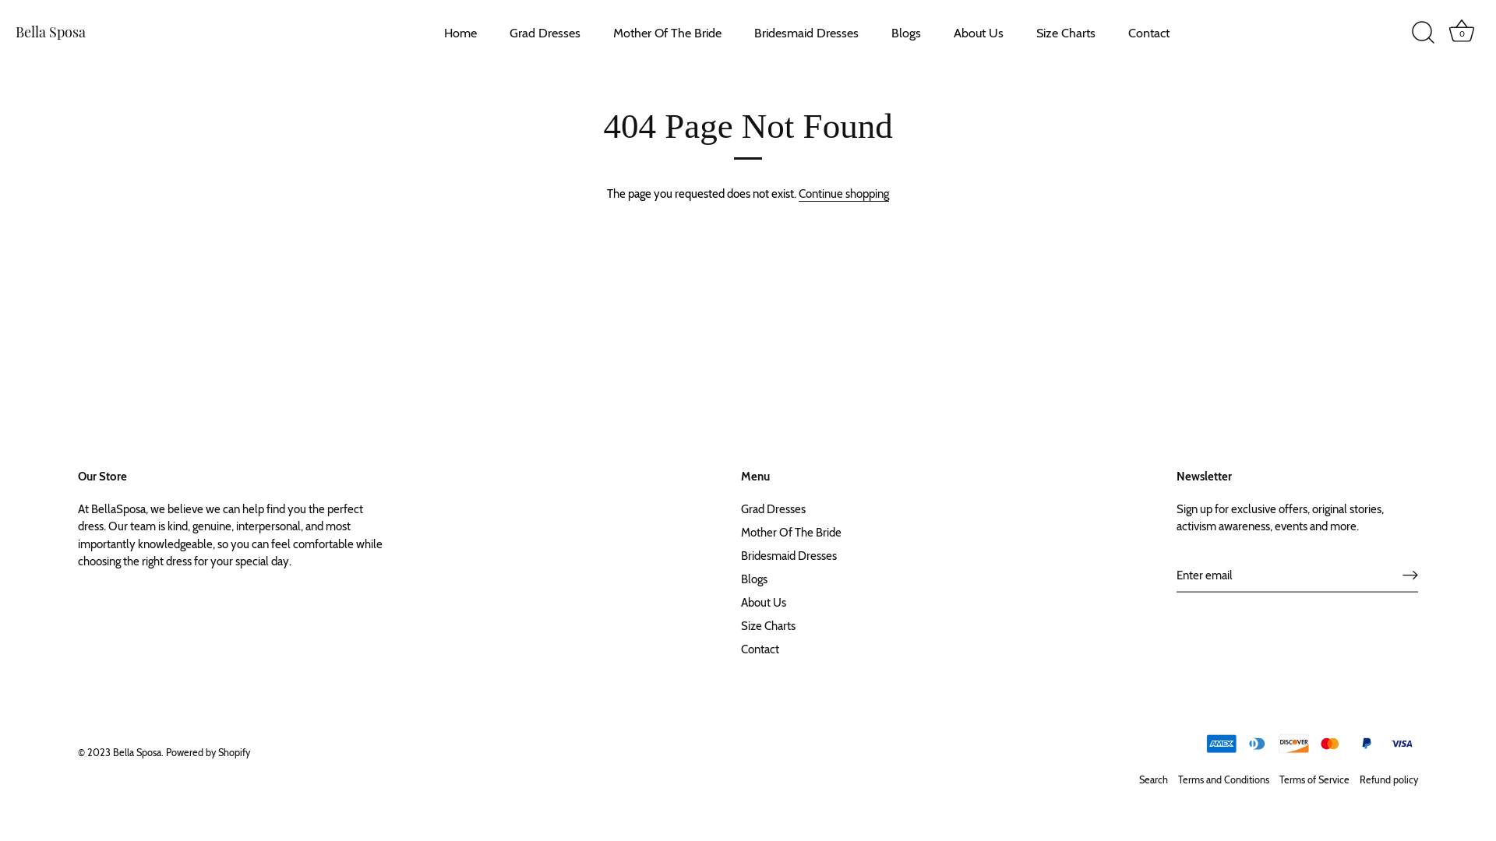  I want to click on 'Home', so click(429, 33).